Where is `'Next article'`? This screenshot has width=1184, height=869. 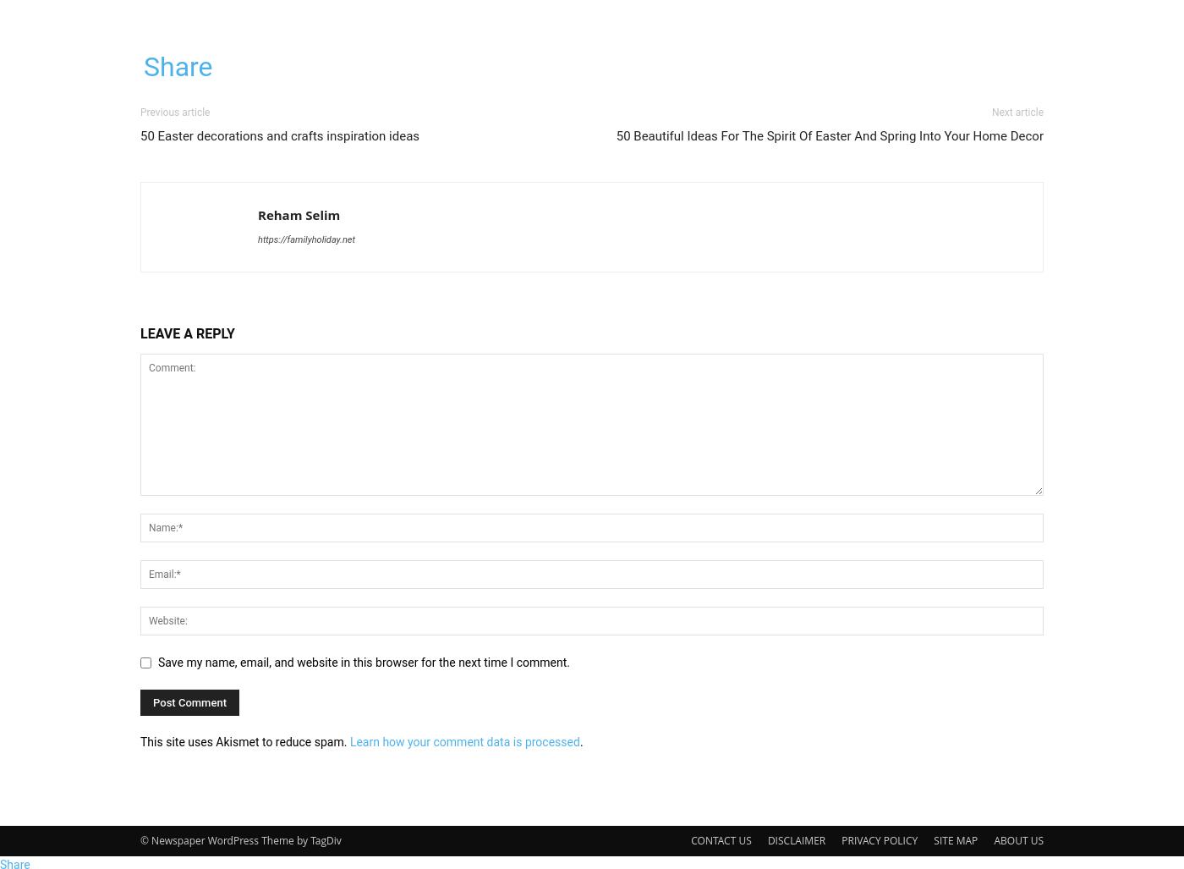
'Next article' is located at coordinates (1017, 112).